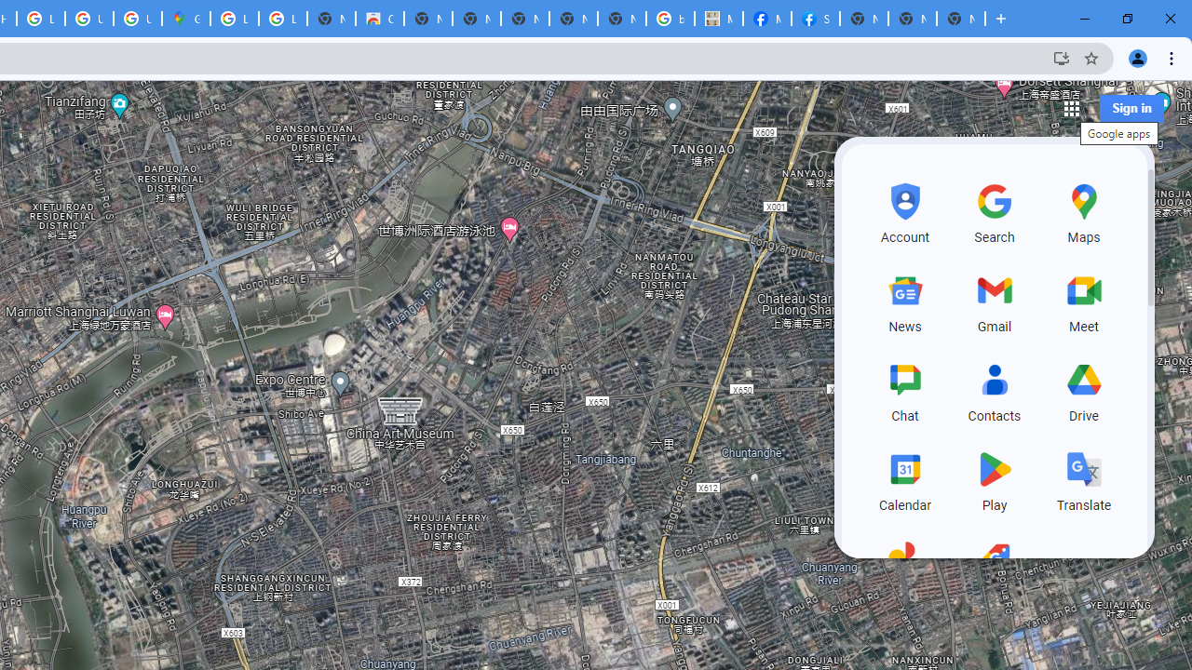  Describe the element at coordinates (378, 19) in the screenshot. I see `'Chrome Web Store'` at that location.